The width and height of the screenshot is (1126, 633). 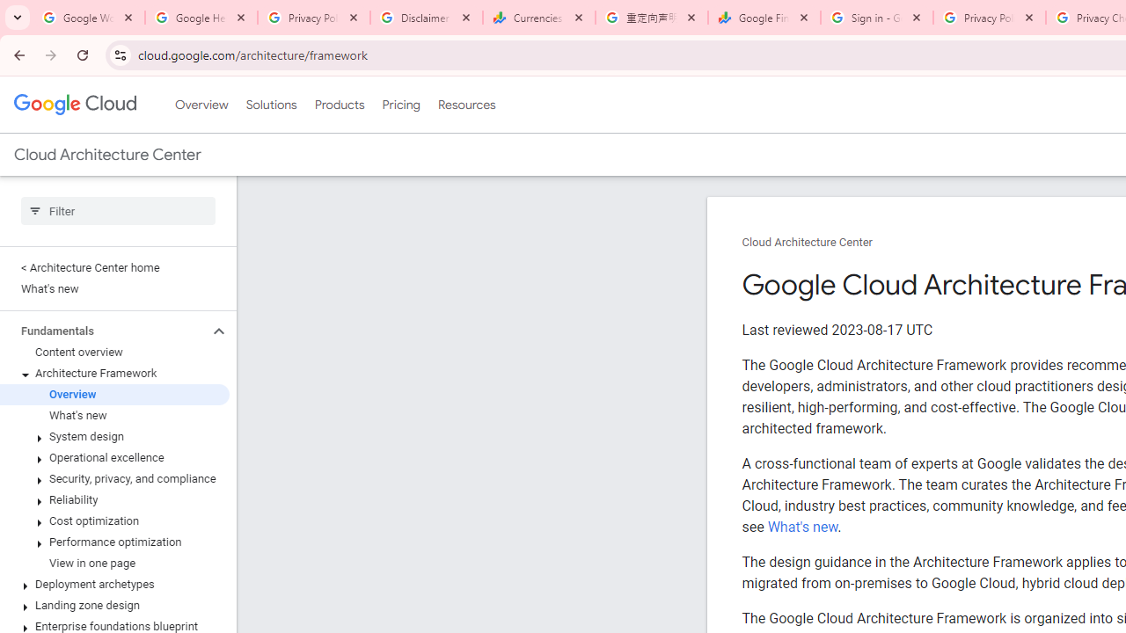 I want to click on 'Deployment archetypes', so click(x=113, y=584).